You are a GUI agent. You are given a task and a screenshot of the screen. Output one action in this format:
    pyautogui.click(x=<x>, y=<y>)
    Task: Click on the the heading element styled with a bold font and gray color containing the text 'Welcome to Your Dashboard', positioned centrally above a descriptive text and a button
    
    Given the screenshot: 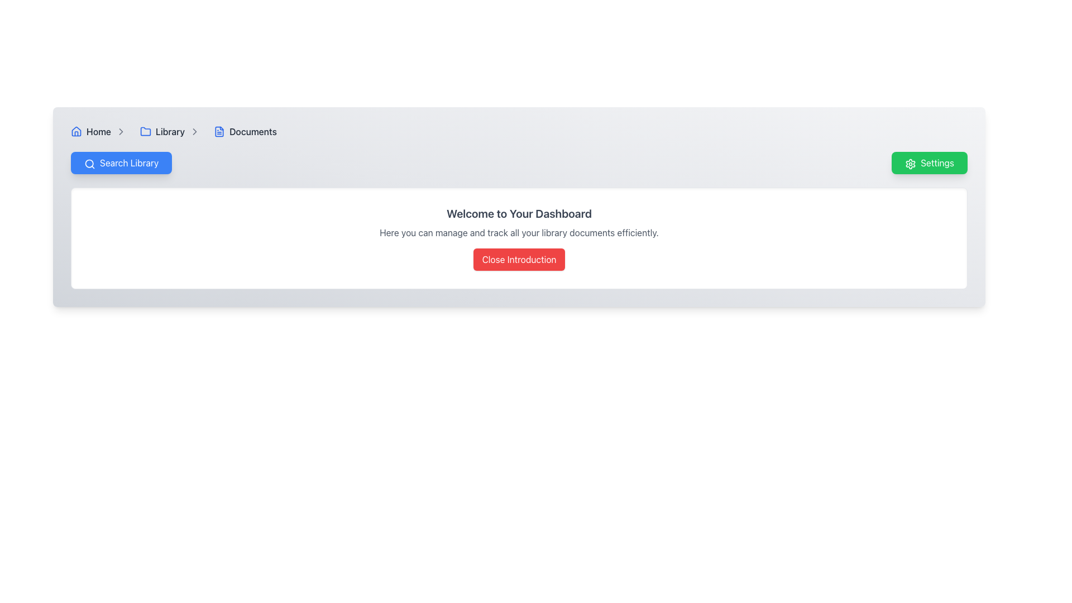 What is the action you would take?
    pyautogui.click(x=519, y=213)
    